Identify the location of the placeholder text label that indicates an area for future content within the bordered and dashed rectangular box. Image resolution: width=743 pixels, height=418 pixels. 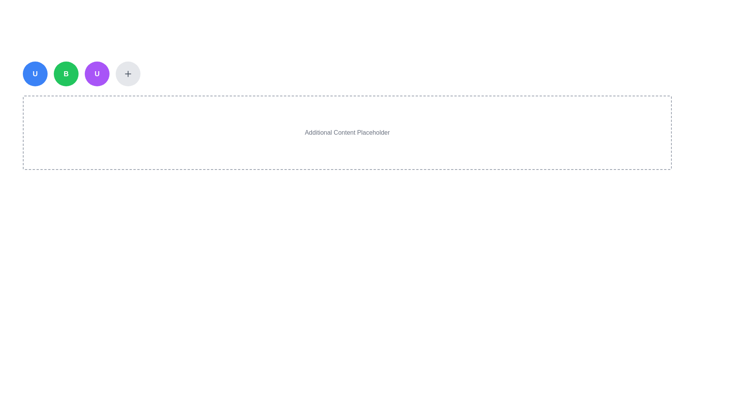
(347, 132).